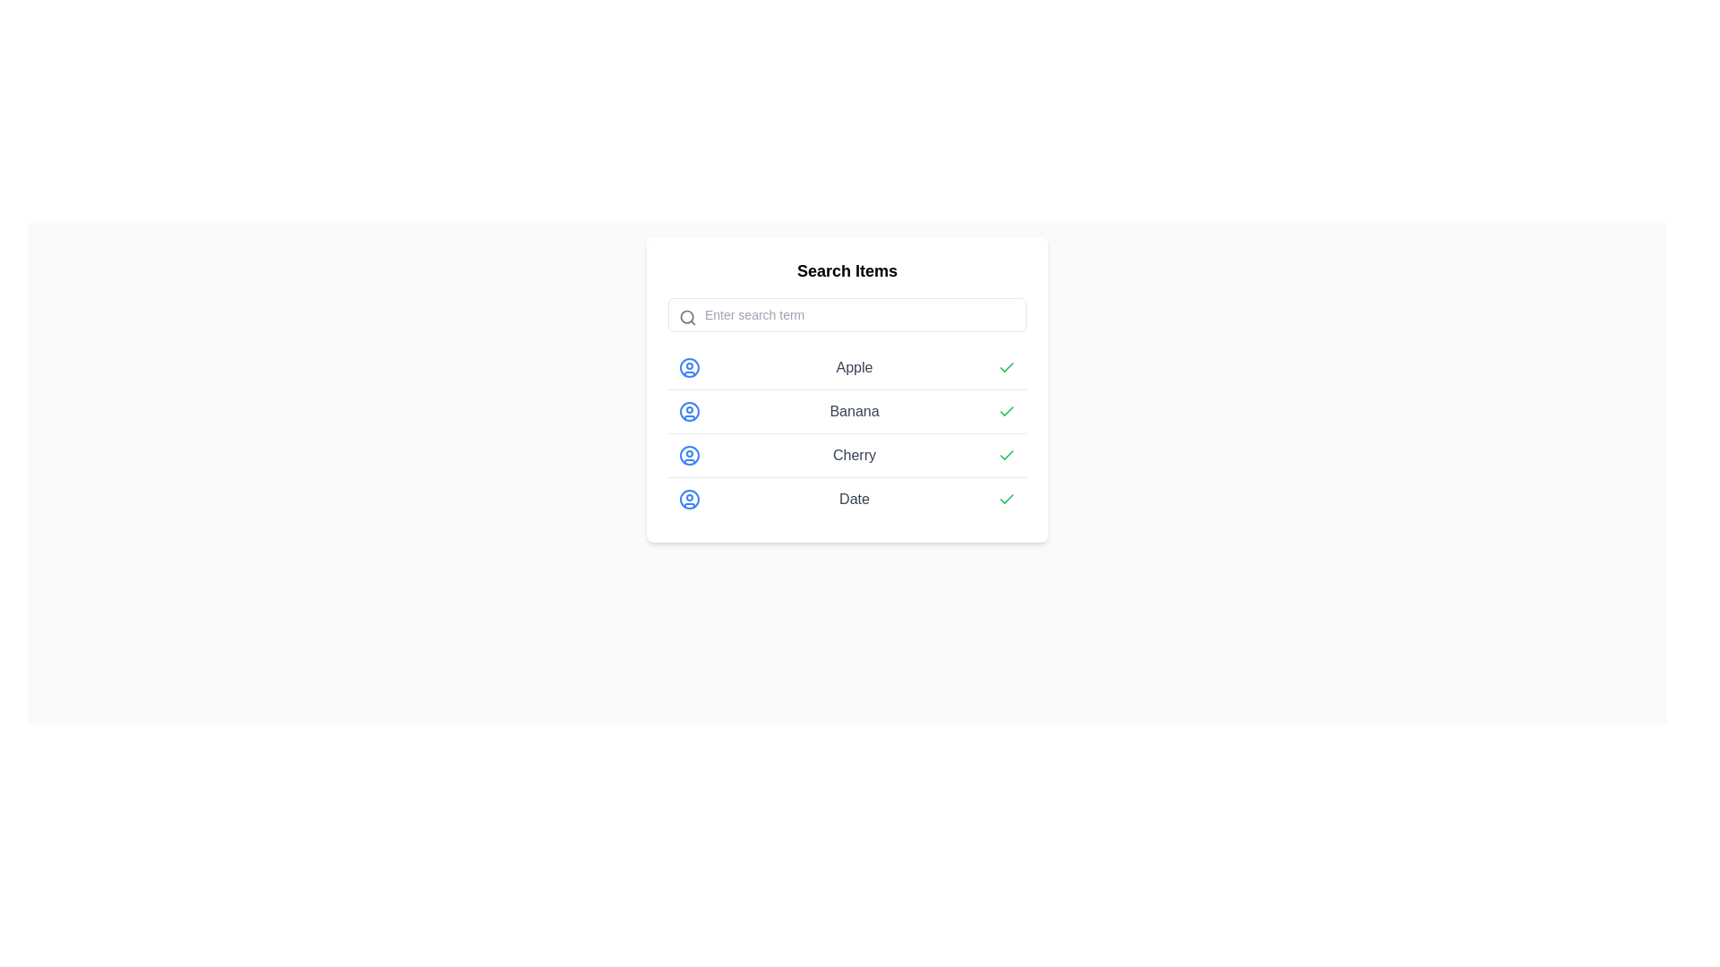  What do you see at coordinates (688, 367) in the screenshot?
I see `the circular user profile icon with a blue stroke, located to the left of the label 'Apple'` at bounding box center [688, 367].